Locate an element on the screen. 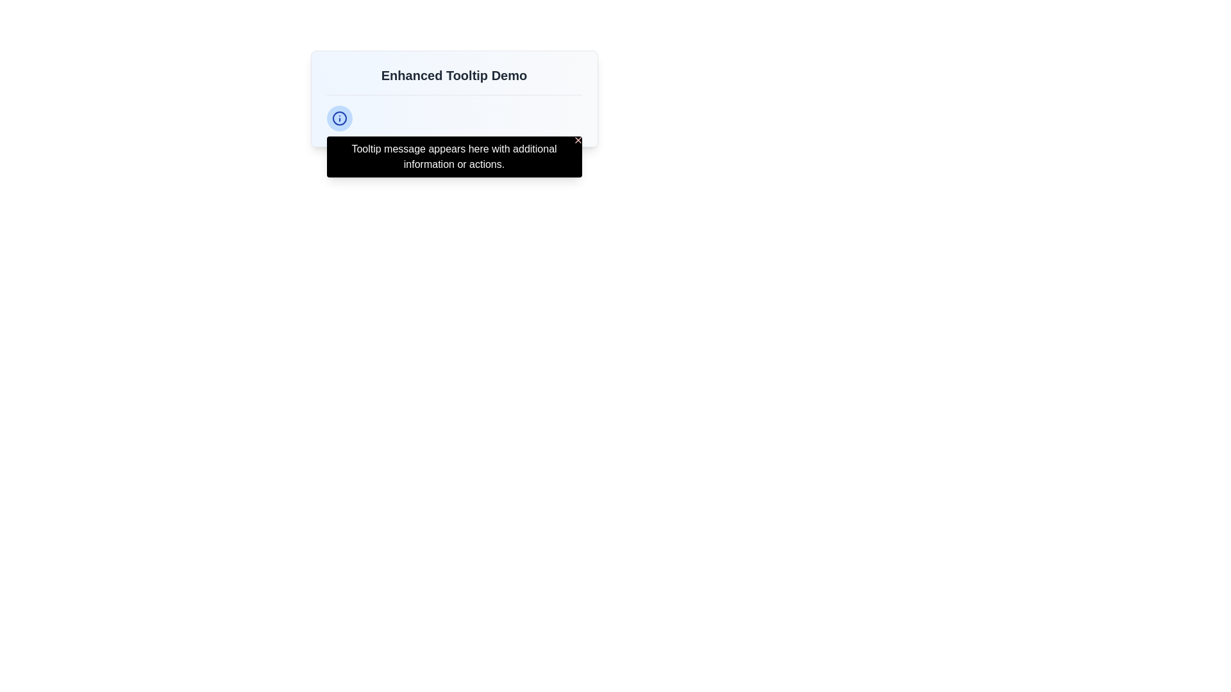 The width and height of the screenshot is (1231, 692). the Tooltip that provides contextual information, located below the blue circular information icon is located at coordinates (454, 156).